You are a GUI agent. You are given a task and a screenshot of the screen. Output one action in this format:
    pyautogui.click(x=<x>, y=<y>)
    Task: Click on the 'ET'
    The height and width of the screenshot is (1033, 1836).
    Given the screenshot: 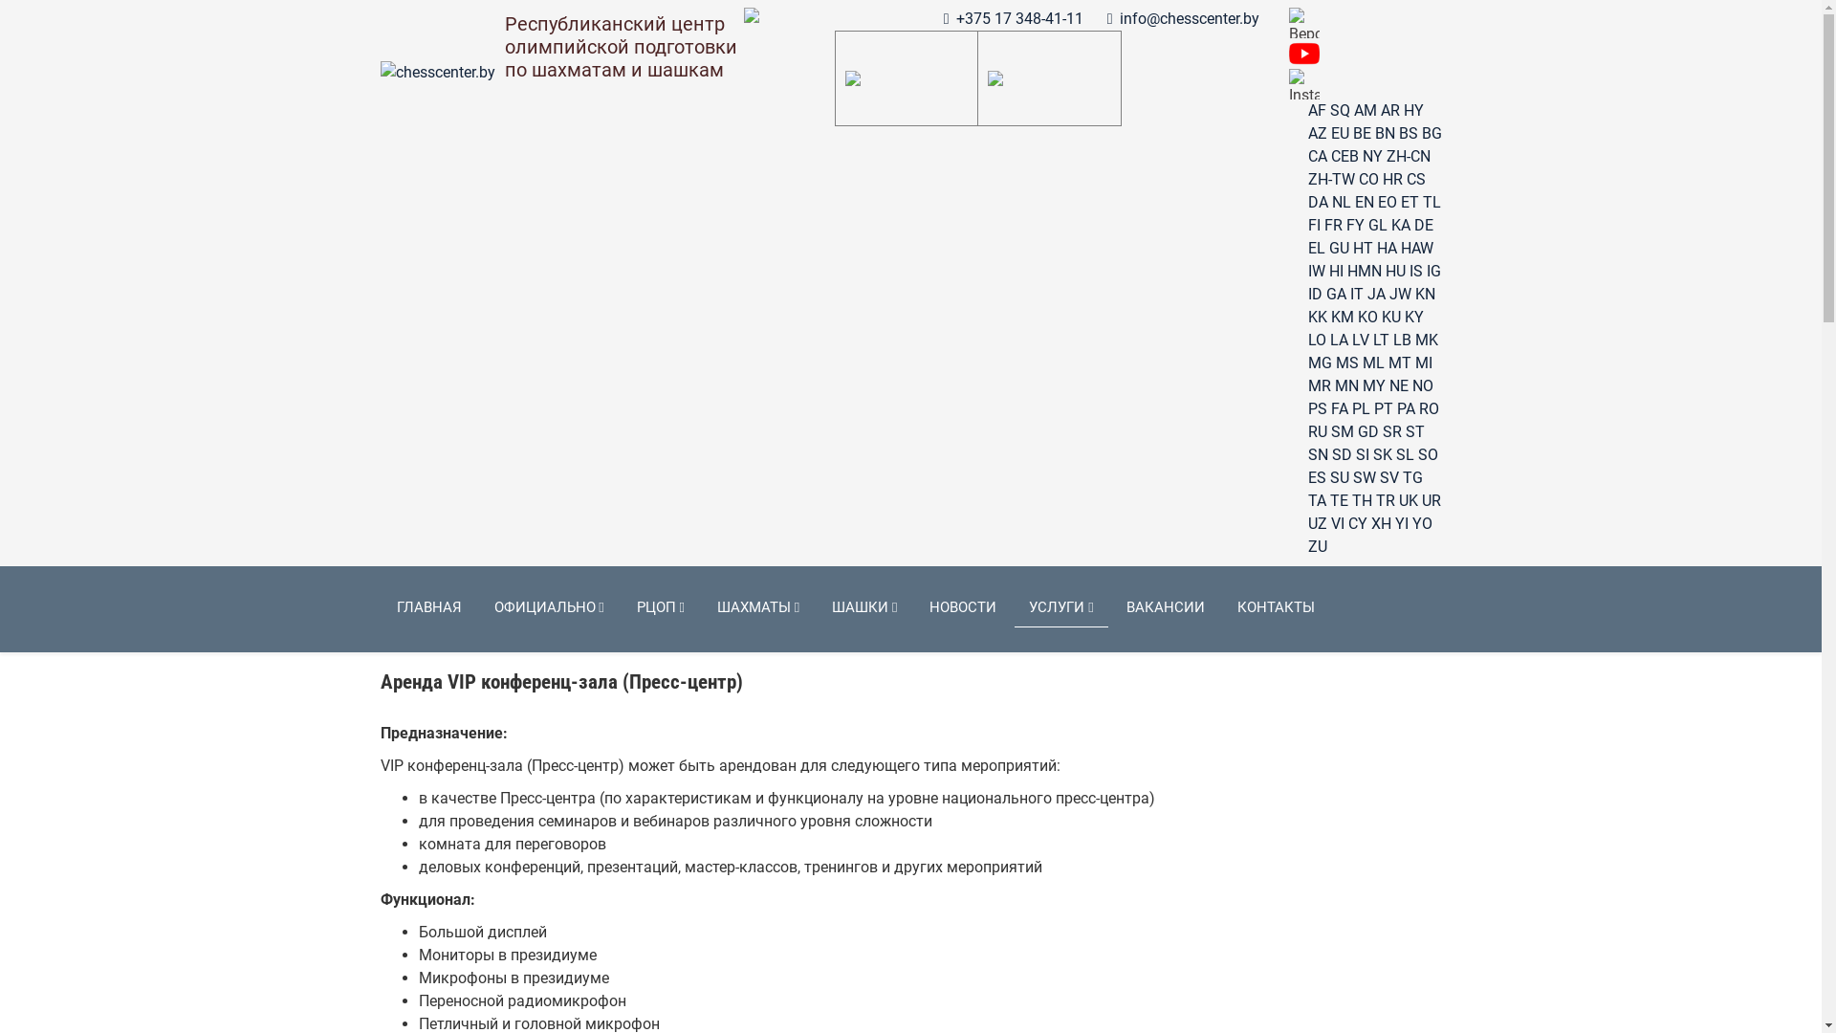 What is the action you would take?
    pyautogui.click(x=1409, y=202)
    